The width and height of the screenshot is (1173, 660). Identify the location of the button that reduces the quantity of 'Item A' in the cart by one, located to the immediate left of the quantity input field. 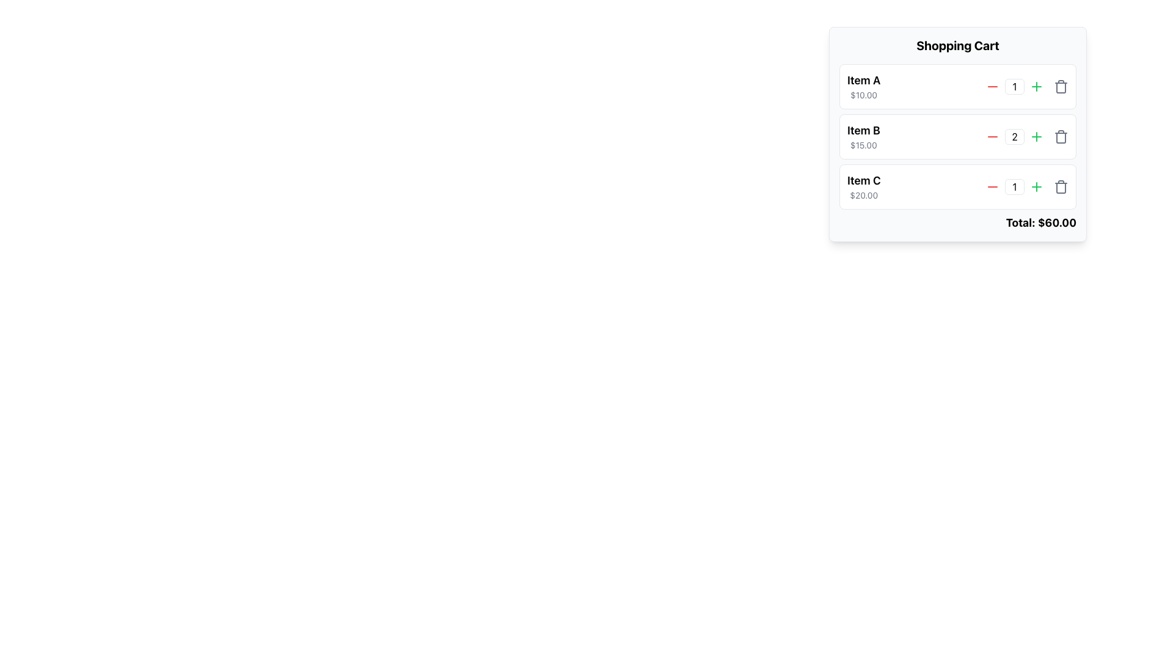
(993, 86).